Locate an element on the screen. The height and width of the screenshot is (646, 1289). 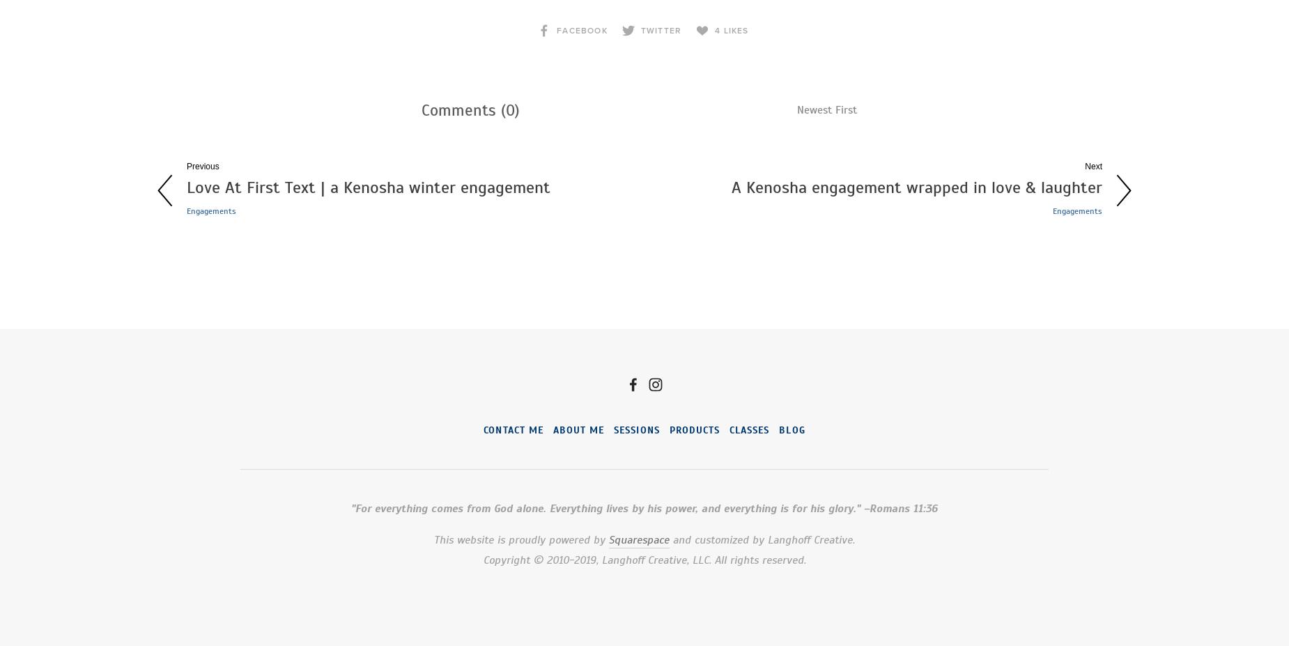
'Sessions' is located at coordinates (636, 430).